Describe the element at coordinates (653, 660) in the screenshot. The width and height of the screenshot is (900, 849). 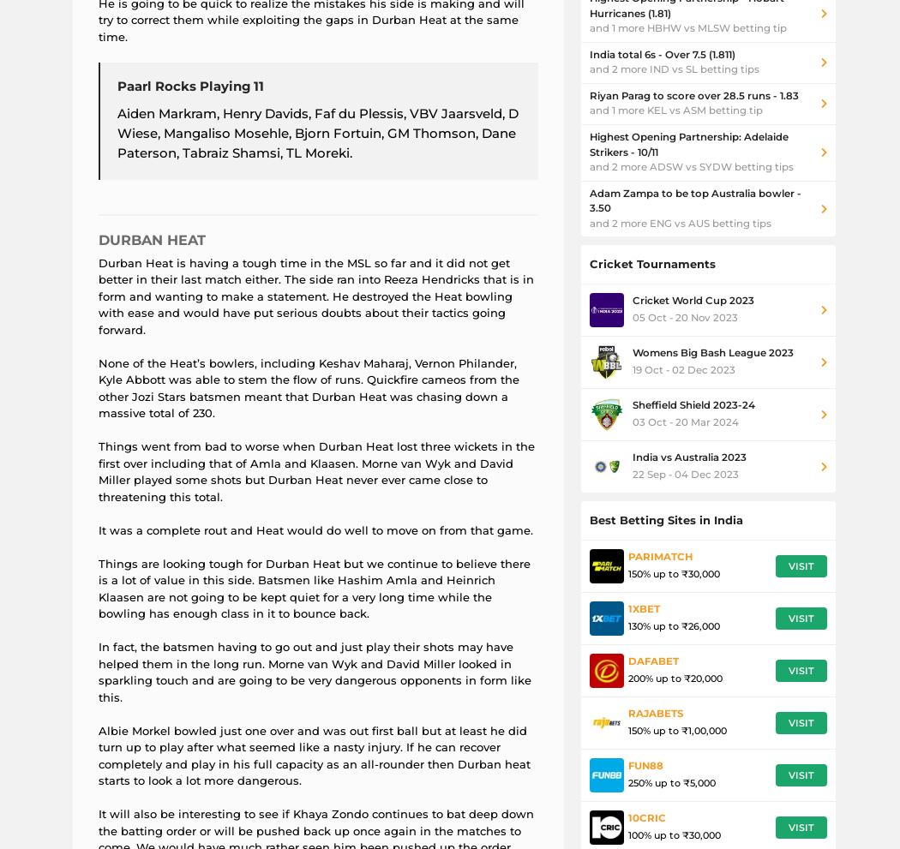
I see `'Dafabet'` at that location.